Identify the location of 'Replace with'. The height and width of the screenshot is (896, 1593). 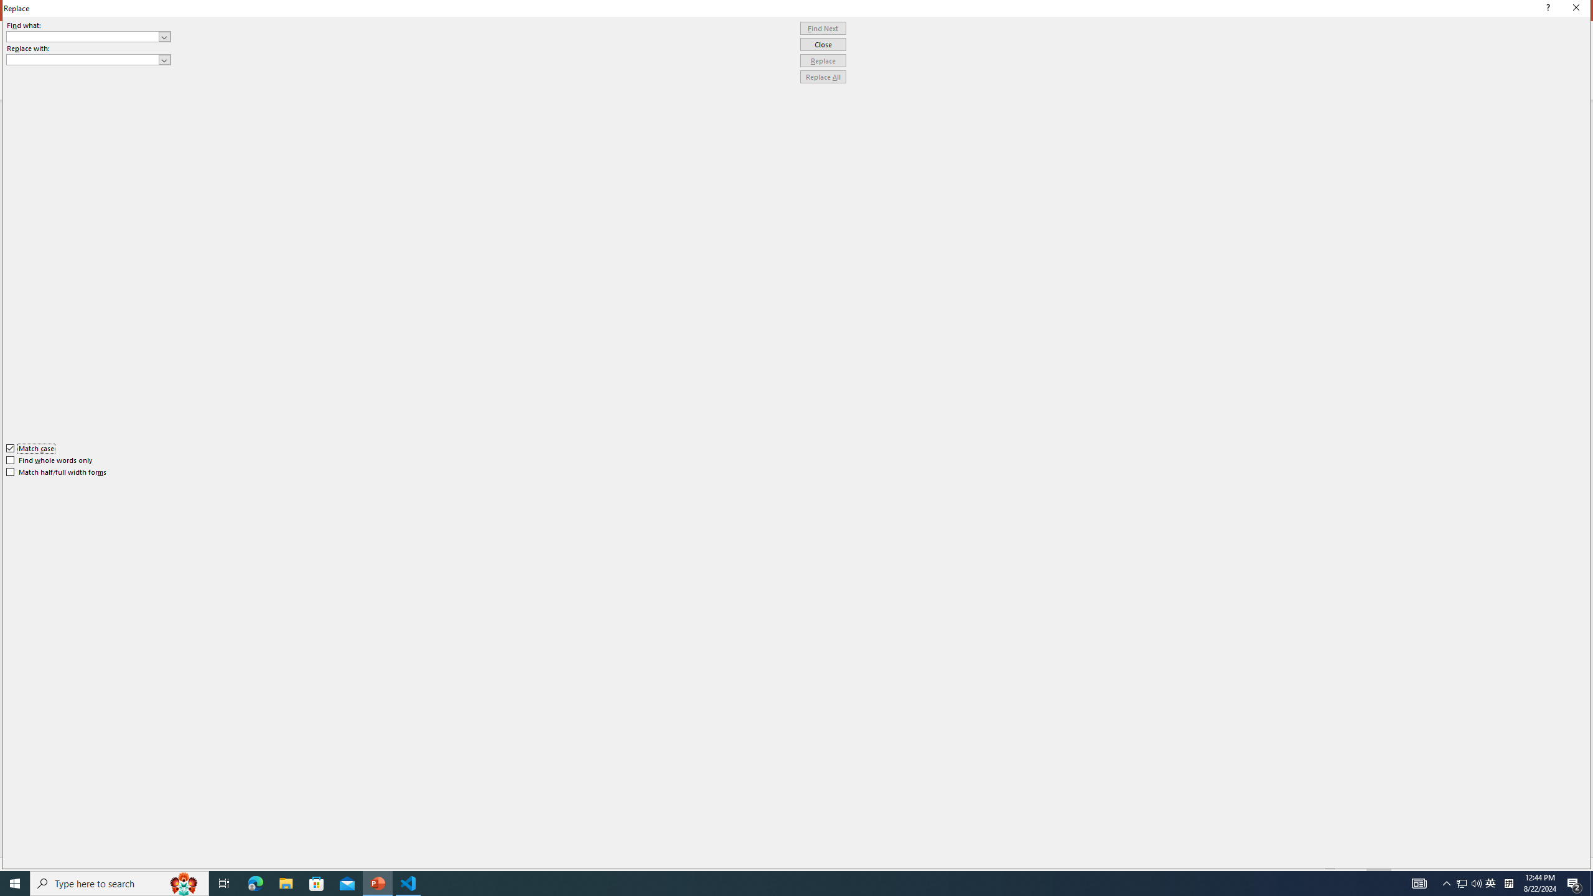
(88, 59).